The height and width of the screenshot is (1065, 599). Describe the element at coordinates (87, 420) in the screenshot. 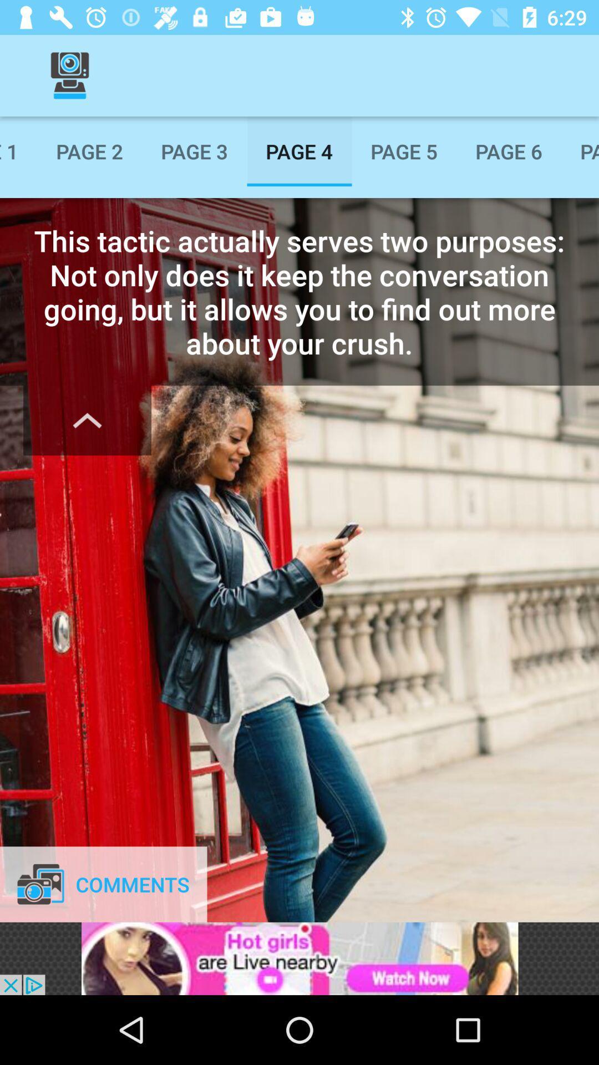

I see `the expand_less icon` at that location.